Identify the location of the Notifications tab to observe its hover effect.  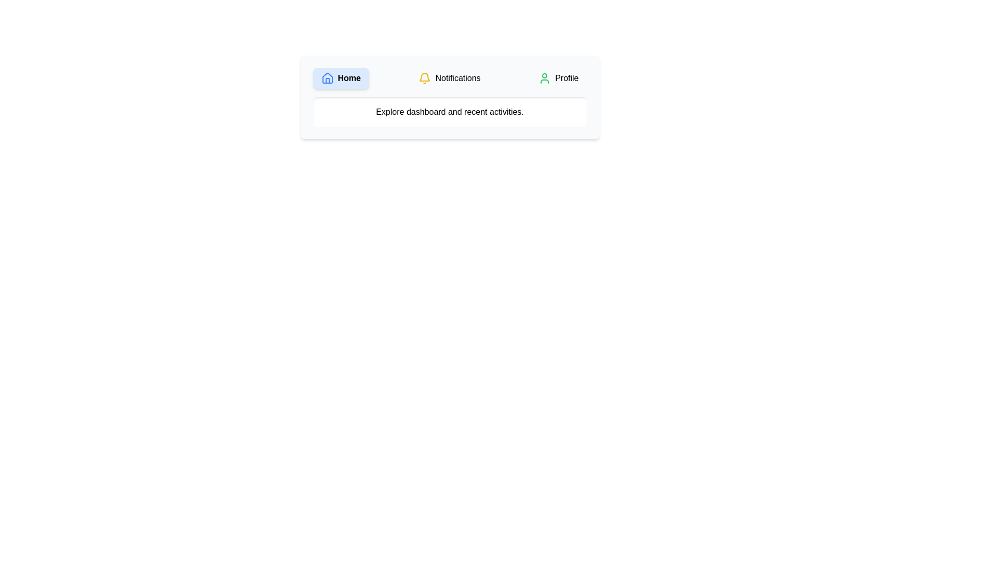
(450, 77).